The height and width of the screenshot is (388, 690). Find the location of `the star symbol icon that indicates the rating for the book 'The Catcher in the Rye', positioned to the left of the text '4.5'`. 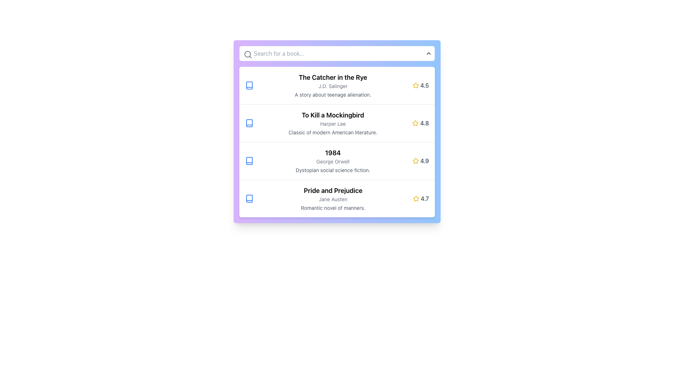

the star symbol icon that indicates the rating for the book 'The Catcher in the Rye', positioned to the left of the text '4.5' is located at coordinates (415, 85).